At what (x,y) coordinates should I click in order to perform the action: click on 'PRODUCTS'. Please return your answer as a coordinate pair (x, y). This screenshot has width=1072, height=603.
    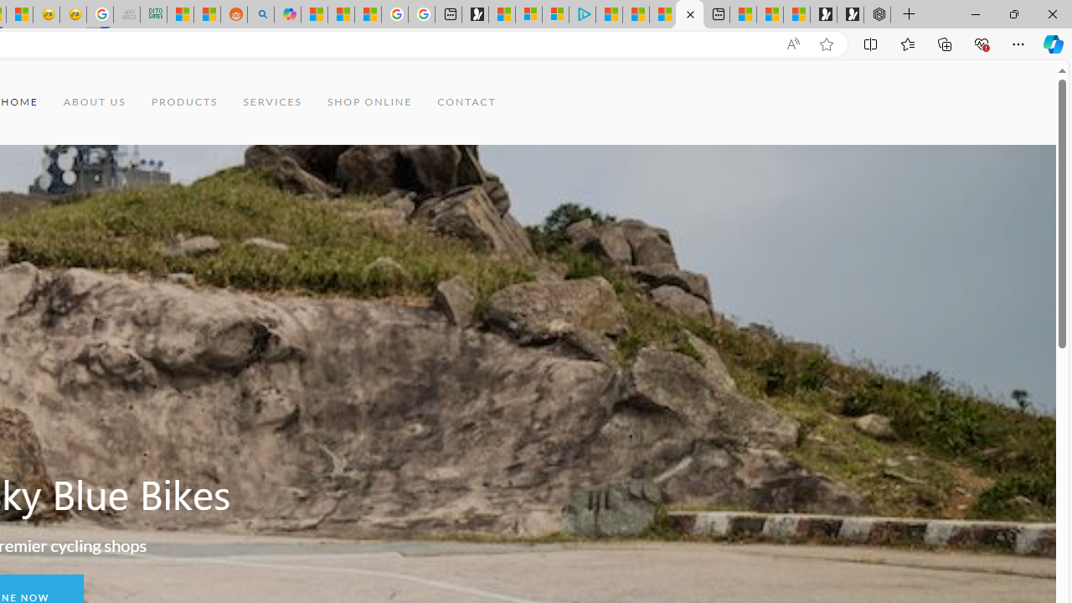
    Looking at the image, I should click on (184, 102).